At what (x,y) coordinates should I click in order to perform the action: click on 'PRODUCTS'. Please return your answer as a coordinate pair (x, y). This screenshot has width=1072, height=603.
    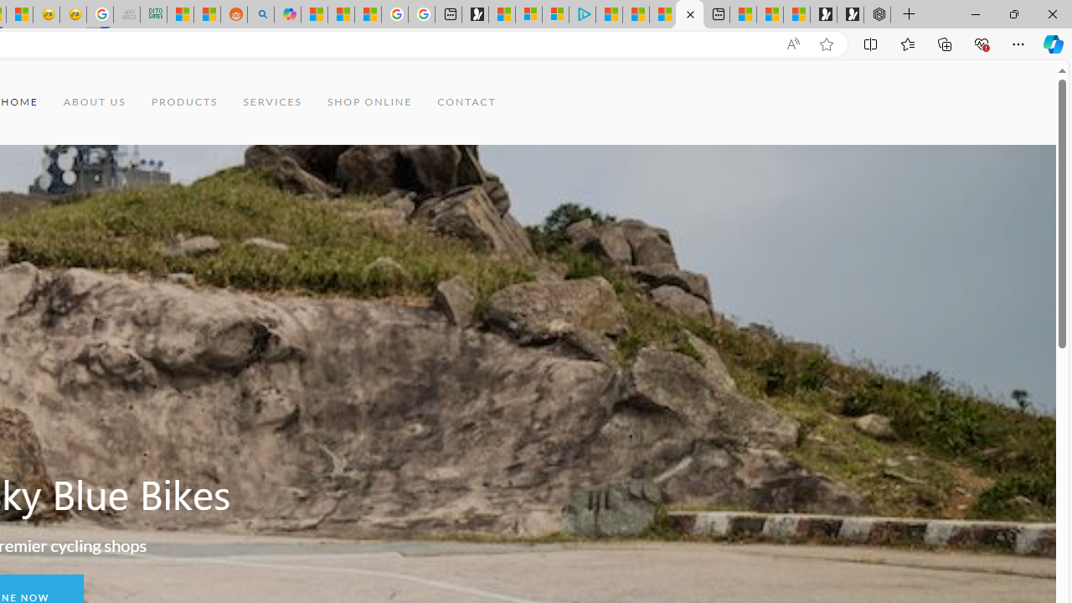
    Looking at the image, I should click on (184, 102).